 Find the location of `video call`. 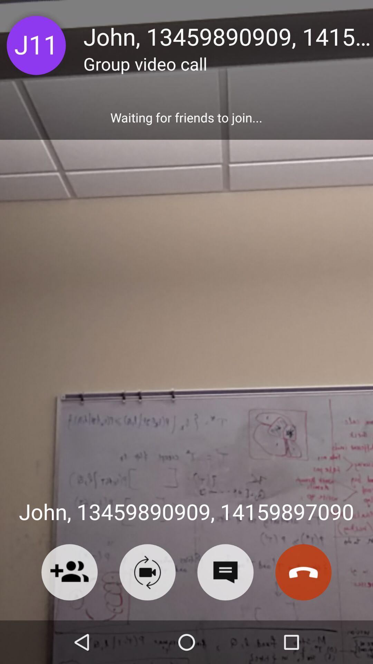

video call is located at coordinates (147, 572).